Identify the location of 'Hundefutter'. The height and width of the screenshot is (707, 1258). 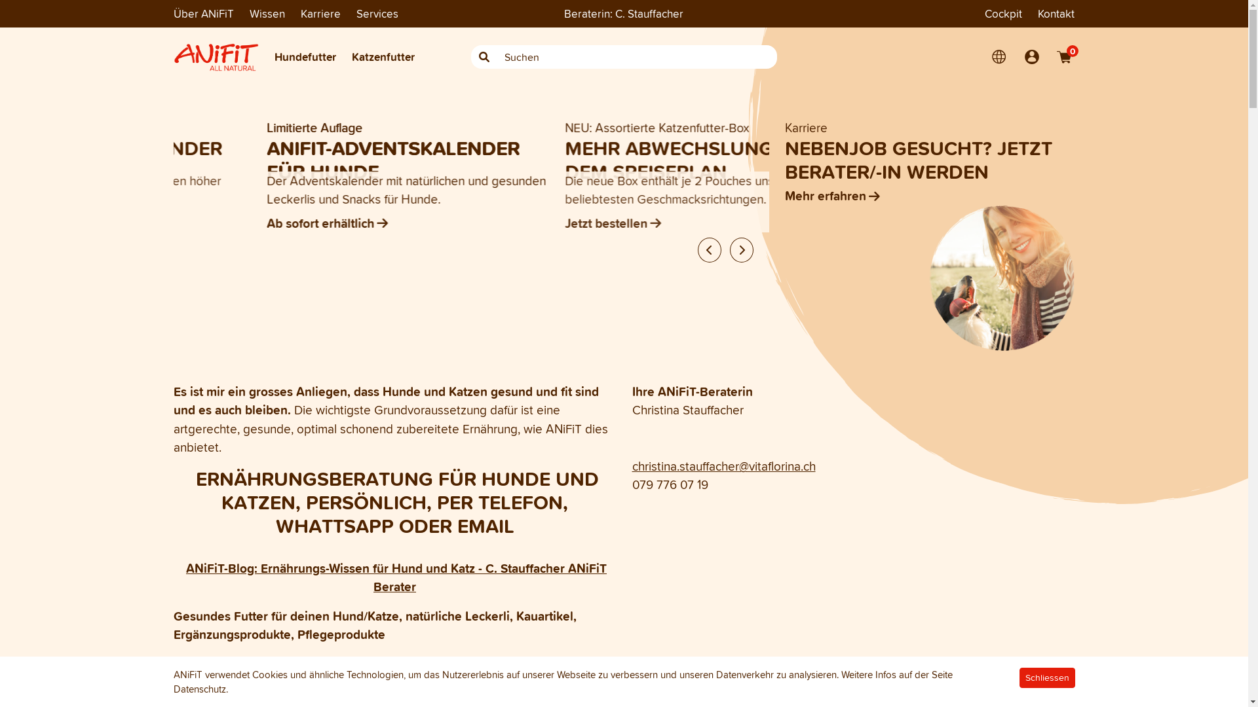
(304, 56).